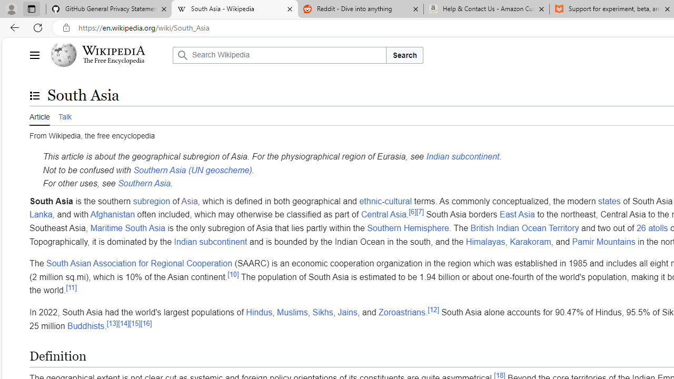 This screenshot has width=674, height=379. What do you see at coordinates (383, 214) in the screenshot?
I see `'Central Asia'` at bounding box center [383, 214].